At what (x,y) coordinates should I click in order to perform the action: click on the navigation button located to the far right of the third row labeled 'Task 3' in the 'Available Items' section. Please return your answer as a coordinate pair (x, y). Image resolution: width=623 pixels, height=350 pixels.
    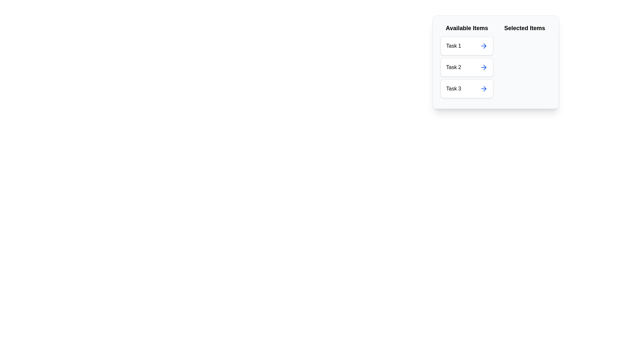
    Looking at the image, I should click on (484, 88).